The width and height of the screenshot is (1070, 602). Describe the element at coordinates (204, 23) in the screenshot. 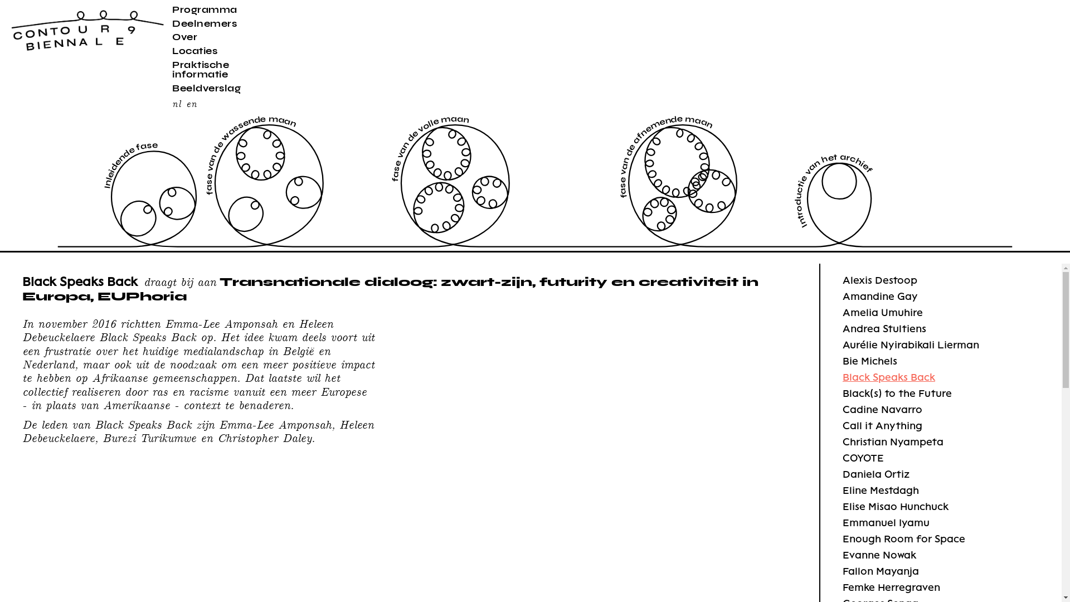

I see `'Deelnemers'` at that location.